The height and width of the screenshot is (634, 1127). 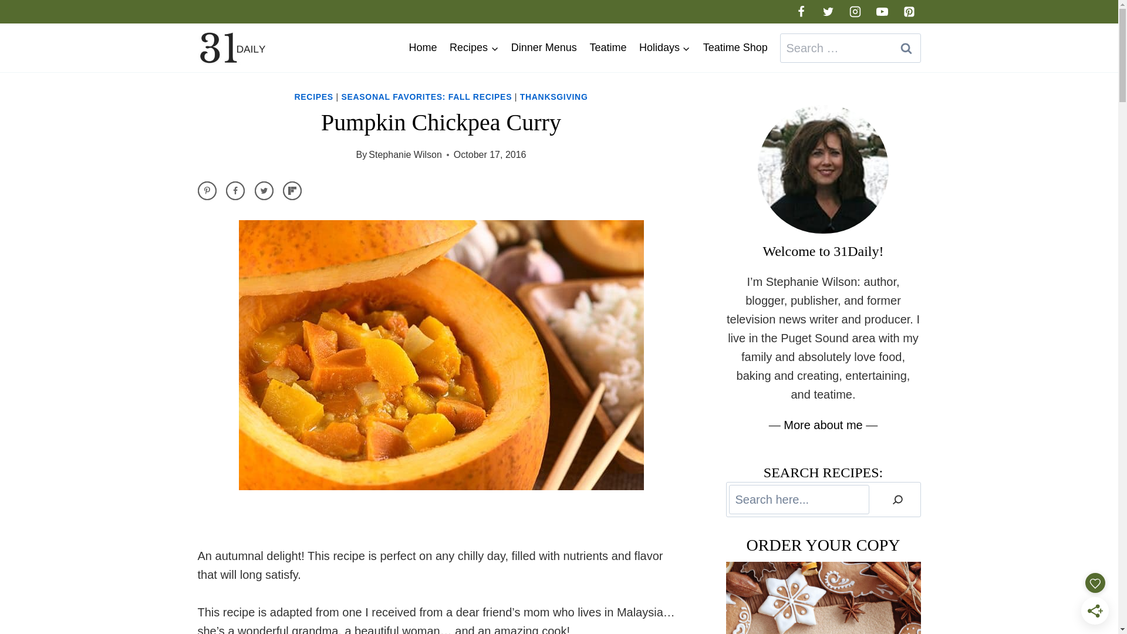 I want to click on 'Teatime', so click(x=583, y=47).